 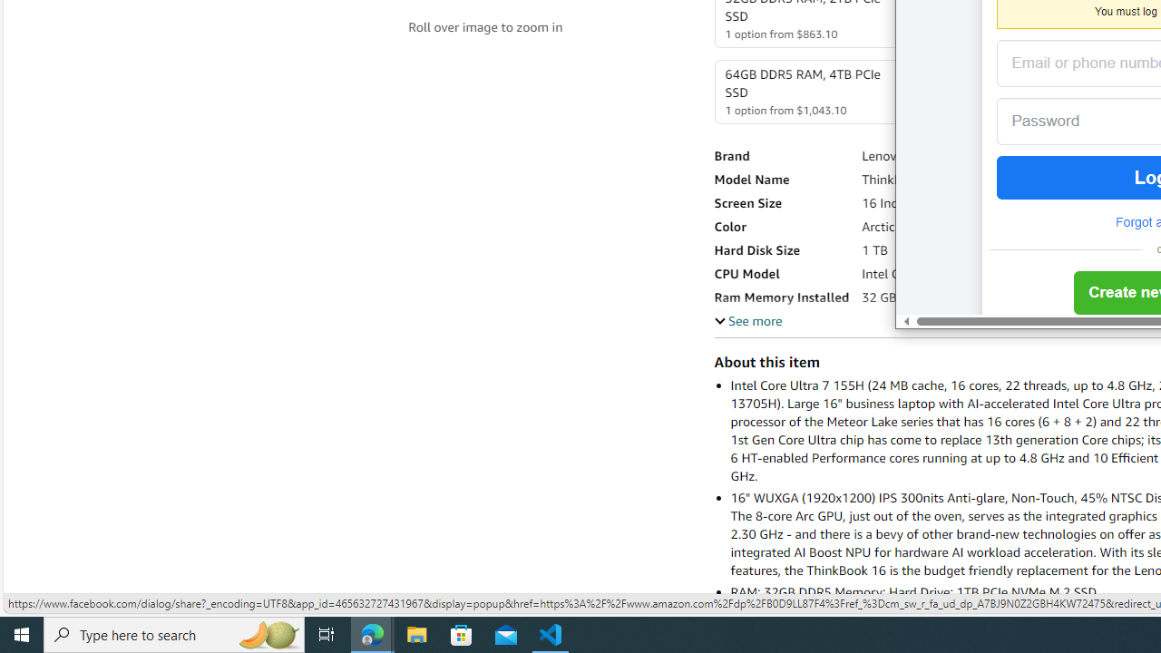 I want to click on 'Microsoft Store', so click(x=462, y=633).